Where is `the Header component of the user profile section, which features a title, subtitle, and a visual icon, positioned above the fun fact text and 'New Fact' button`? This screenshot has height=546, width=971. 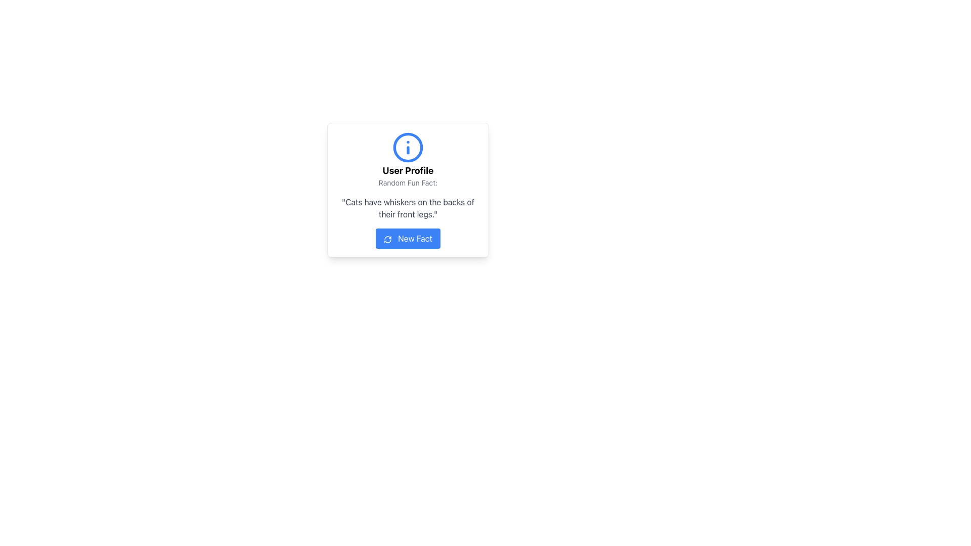 the Header component of the user profile section, which features a title, subtitle, and a visual icon, positioned above the fun fact text and 'New Fact' button is located at coordinates (408, 159).